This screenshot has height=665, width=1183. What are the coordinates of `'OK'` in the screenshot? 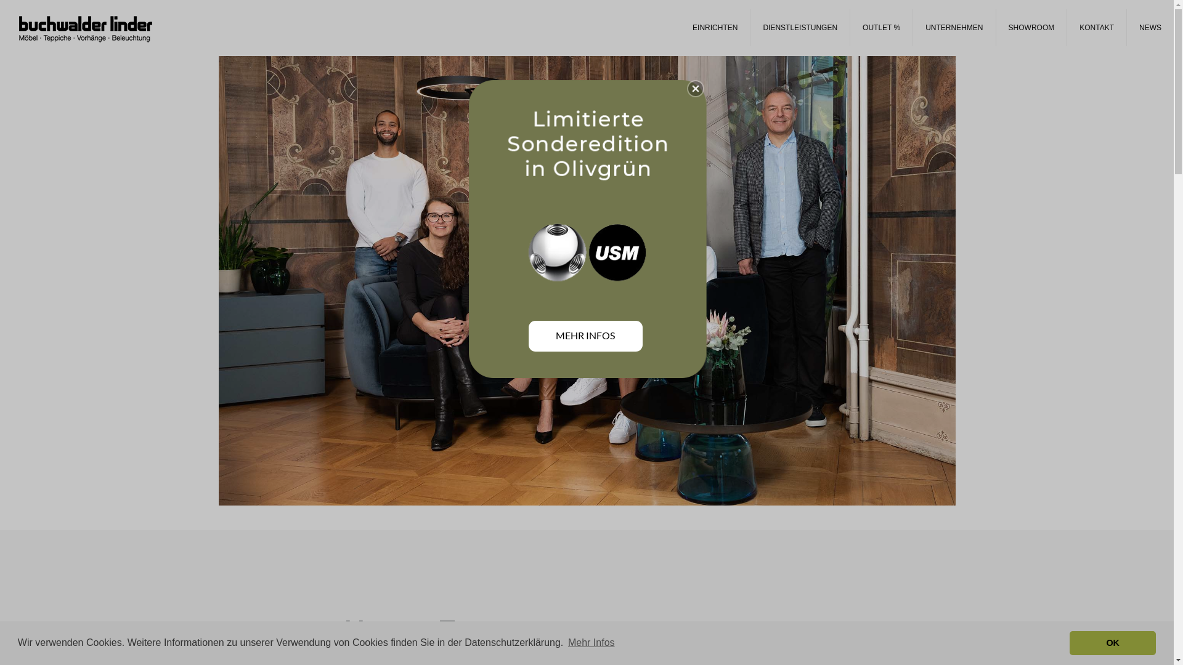 It's located at (1112, 642).